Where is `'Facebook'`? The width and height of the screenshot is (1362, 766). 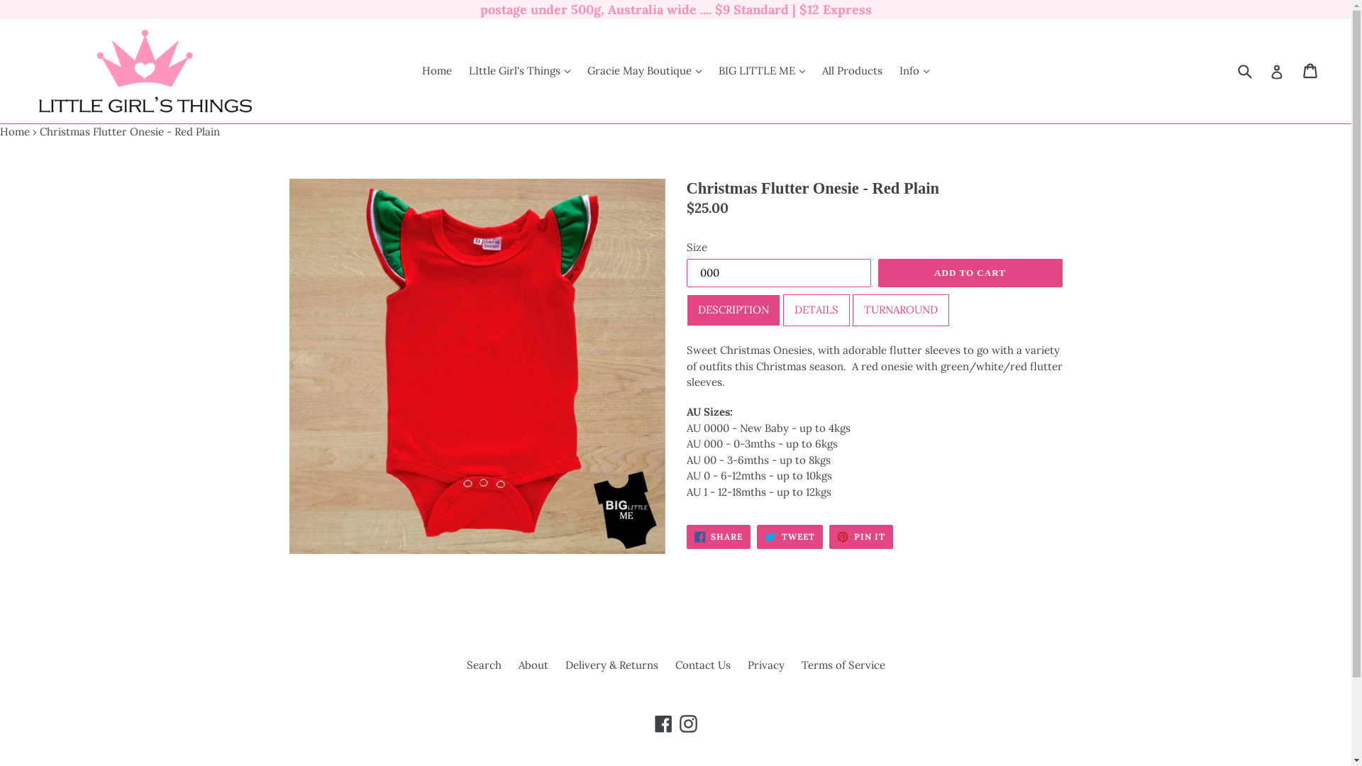 'Facebook' is located at coordinates (663, 723).